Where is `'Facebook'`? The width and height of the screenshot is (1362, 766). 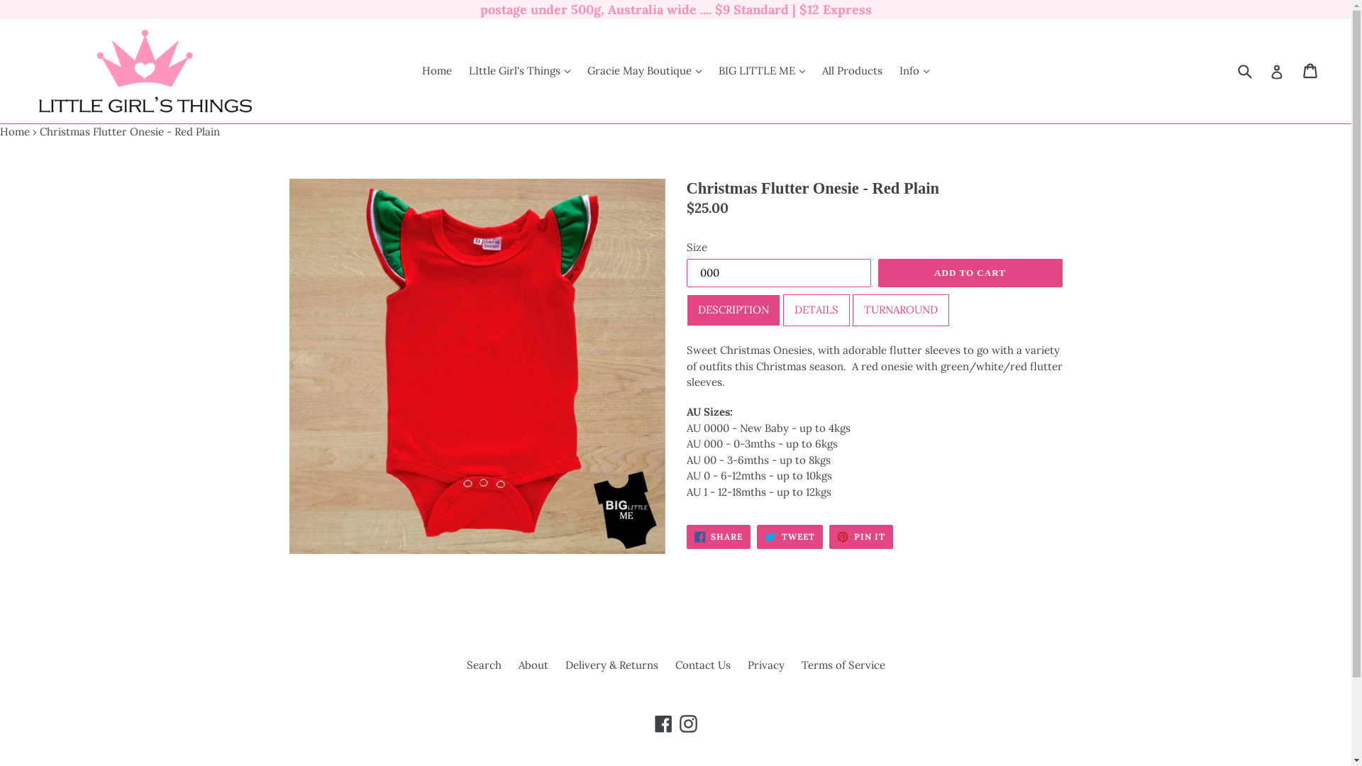 'Facebook' is located at coordinates (663, 723).